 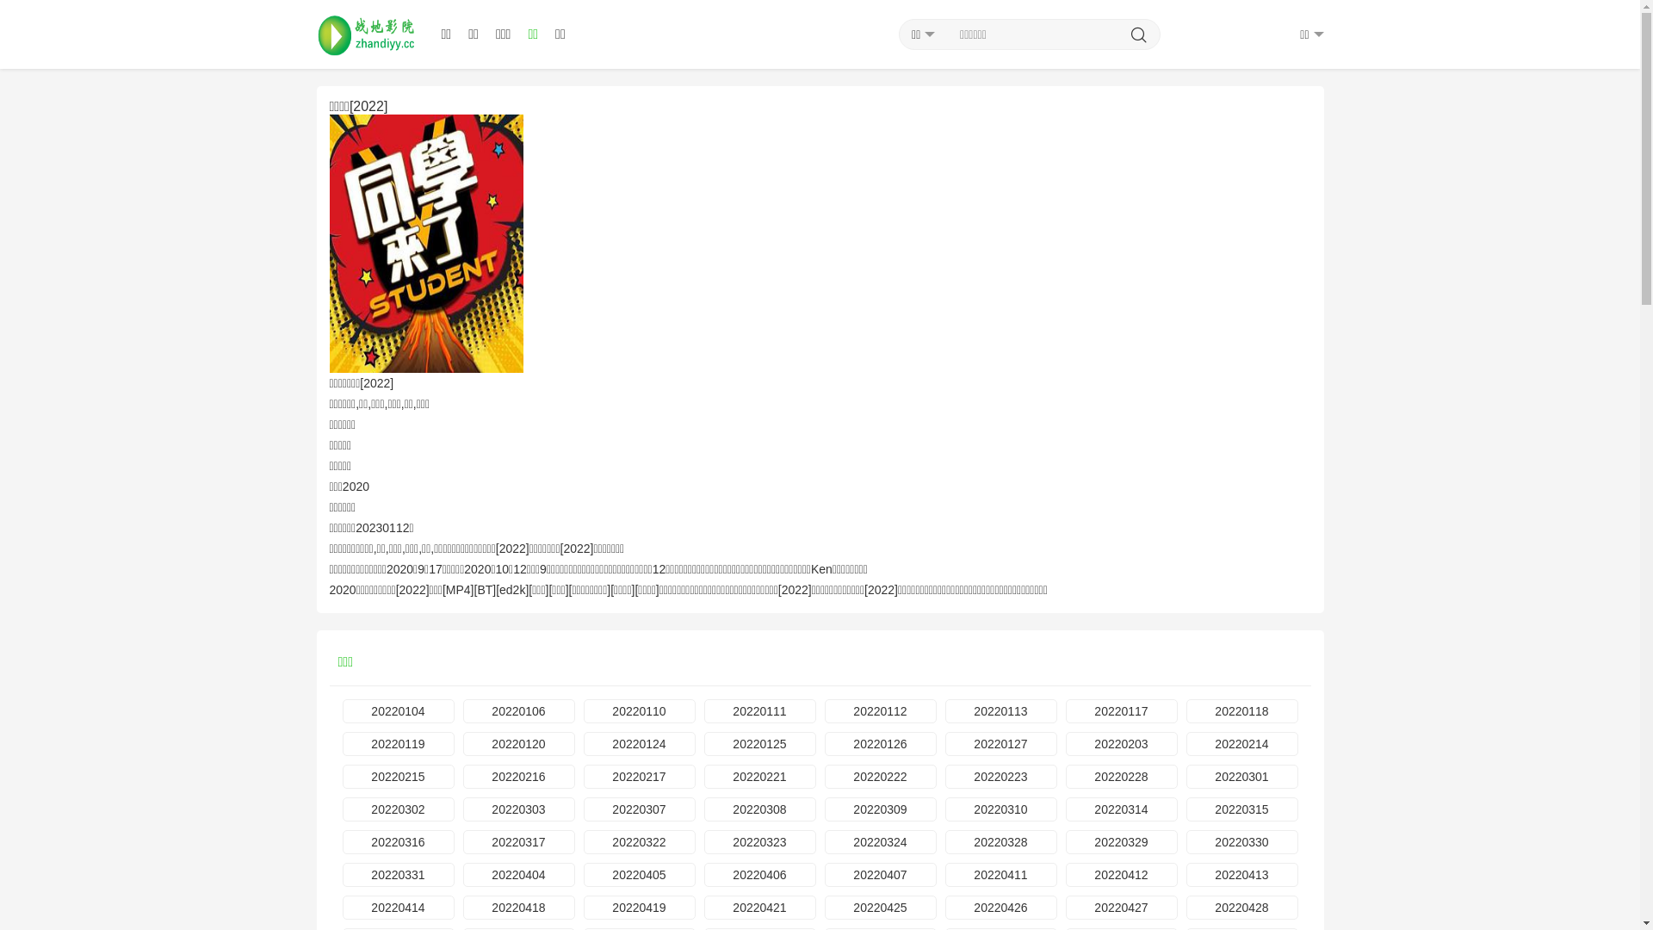 I want to click on '20220302', so click(x=397, y=809).